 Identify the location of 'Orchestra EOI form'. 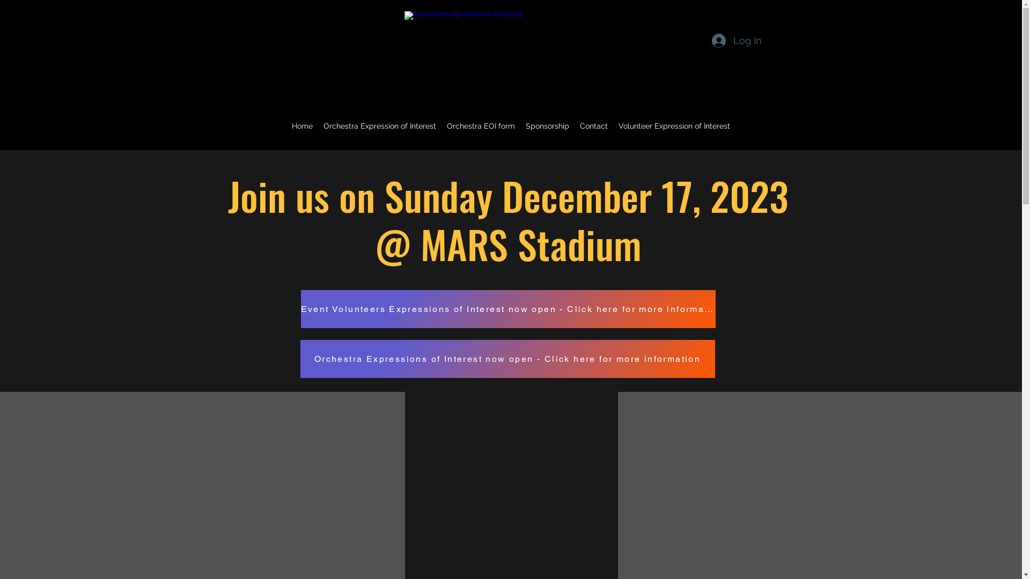
(480, 125).